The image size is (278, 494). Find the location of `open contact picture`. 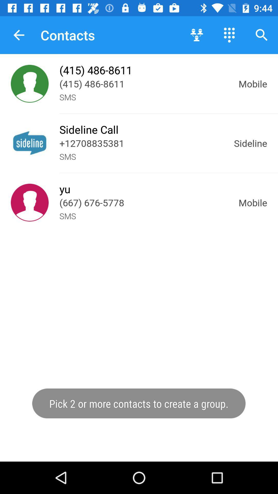

open contact picture is located at coordinates (30, 143).